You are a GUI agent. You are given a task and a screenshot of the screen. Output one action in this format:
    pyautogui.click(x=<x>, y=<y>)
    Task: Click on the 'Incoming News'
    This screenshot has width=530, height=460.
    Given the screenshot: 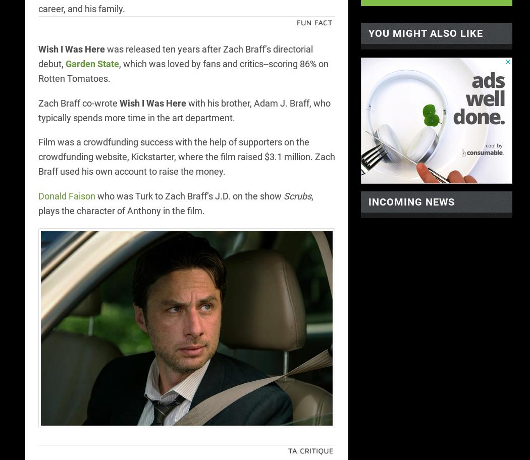 What is the action you would take?
    pyautogui.click(x=411, y=201)
    